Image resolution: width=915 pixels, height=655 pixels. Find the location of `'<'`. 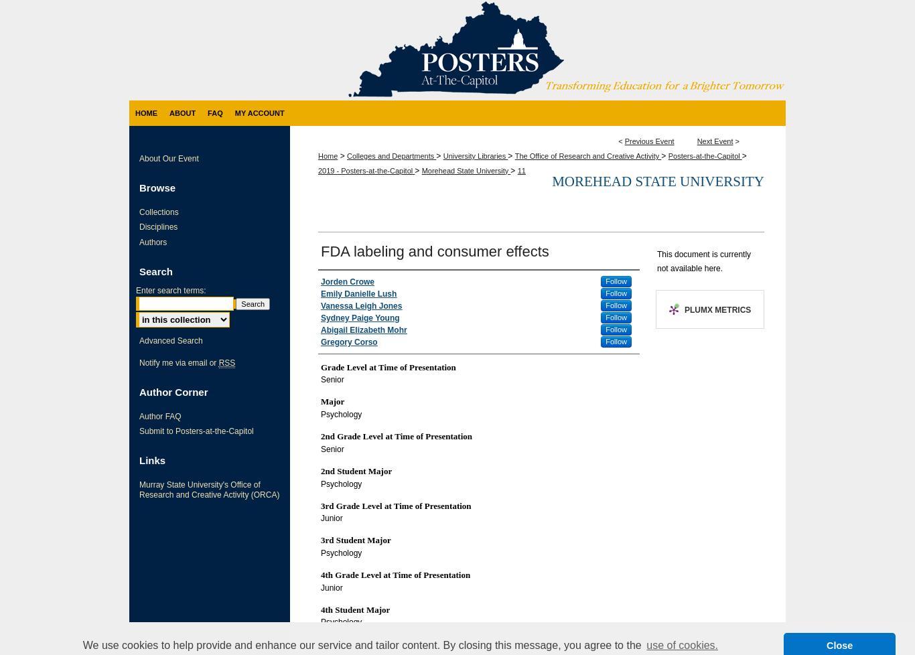

'<' is located at coordinates (621, 141).